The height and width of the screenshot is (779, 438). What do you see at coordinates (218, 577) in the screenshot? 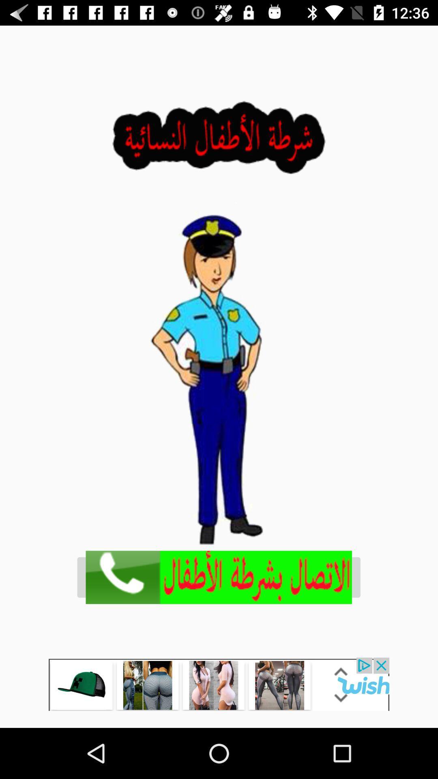
I see `call` at bounding box center [218, 577].